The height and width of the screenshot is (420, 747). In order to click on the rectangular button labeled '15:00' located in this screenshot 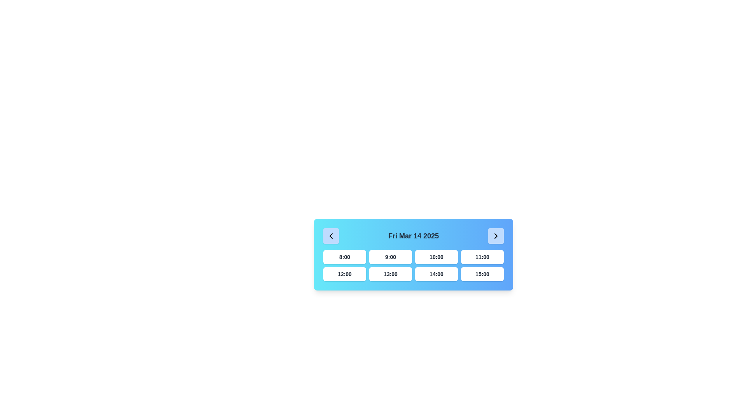, I will do `click(482, 274)`.